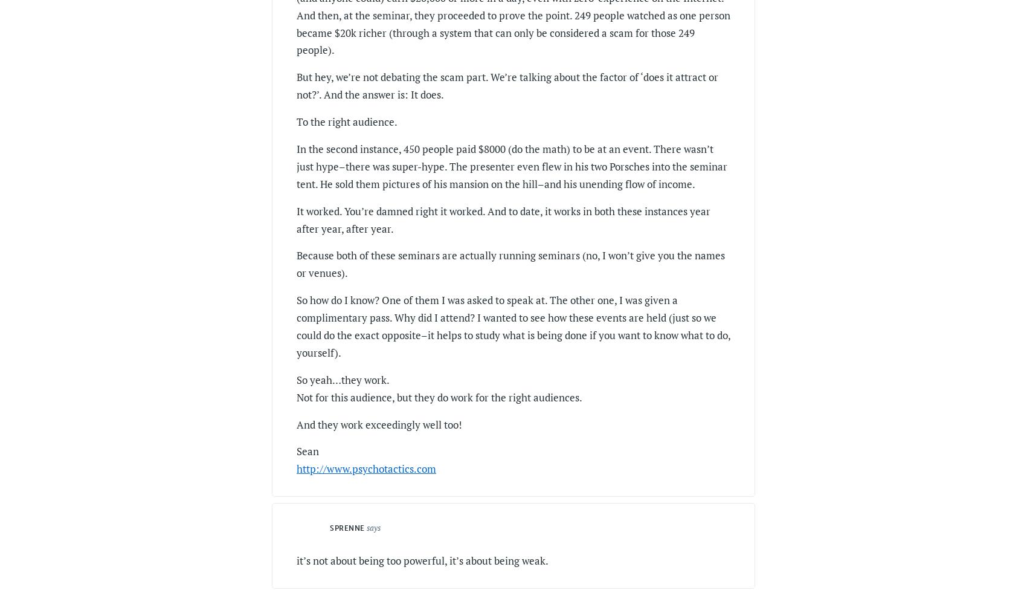  What do you see at coordinates (307, 451) in the screenshot?
I see `'Sean'` at bounding box center [307, 451].